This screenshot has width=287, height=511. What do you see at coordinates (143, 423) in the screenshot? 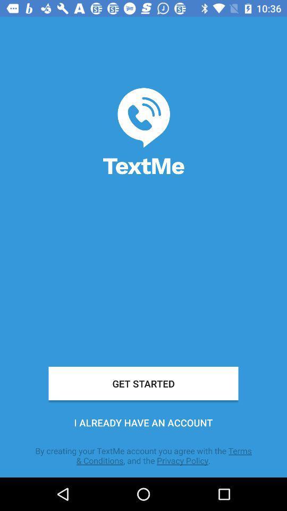
I see `item below get started item` at bounding box center [143, 423].